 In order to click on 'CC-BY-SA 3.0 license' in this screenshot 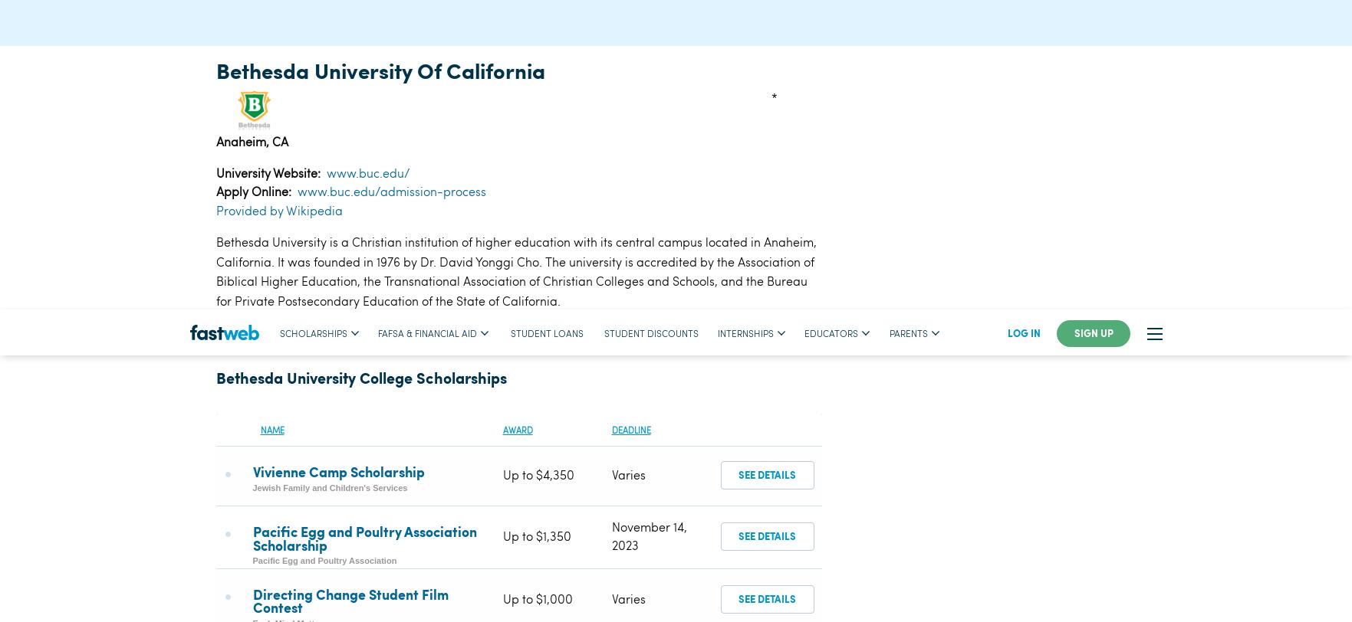, I will do `click(588, 22)`.